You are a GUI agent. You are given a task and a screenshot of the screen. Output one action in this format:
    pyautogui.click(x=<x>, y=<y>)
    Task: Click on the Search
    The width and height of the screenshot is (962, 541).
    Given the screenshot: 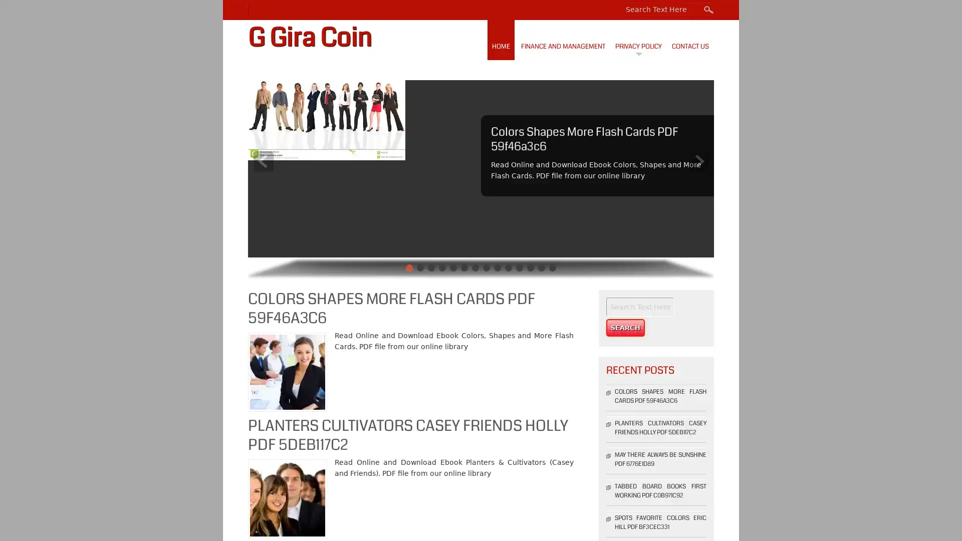 What is the action you would take?
    pyautogui.click(x=625, y=328)
    